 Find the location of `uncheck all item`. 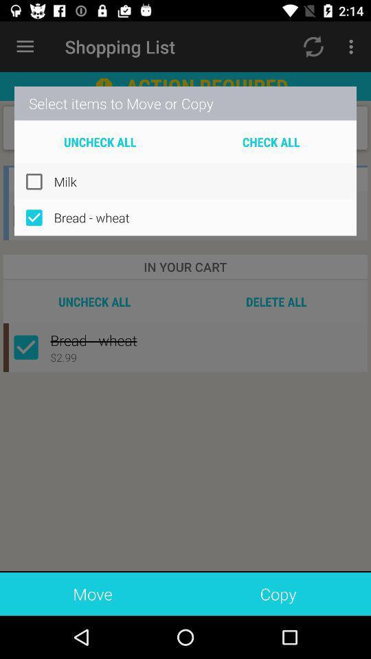

uncheck all item is located at coordinates (99, 141).